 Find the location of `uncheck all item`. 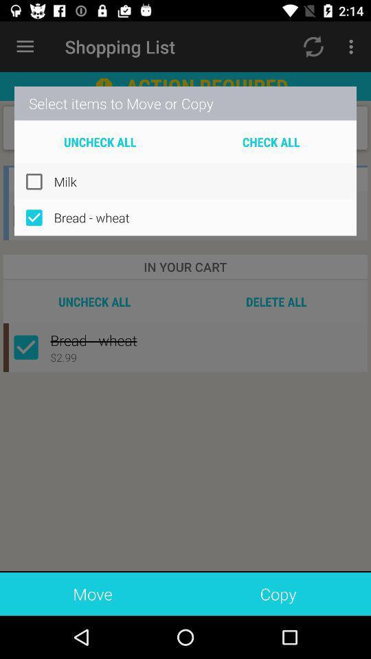

uncheck all item is located at coordinates (99, 141).